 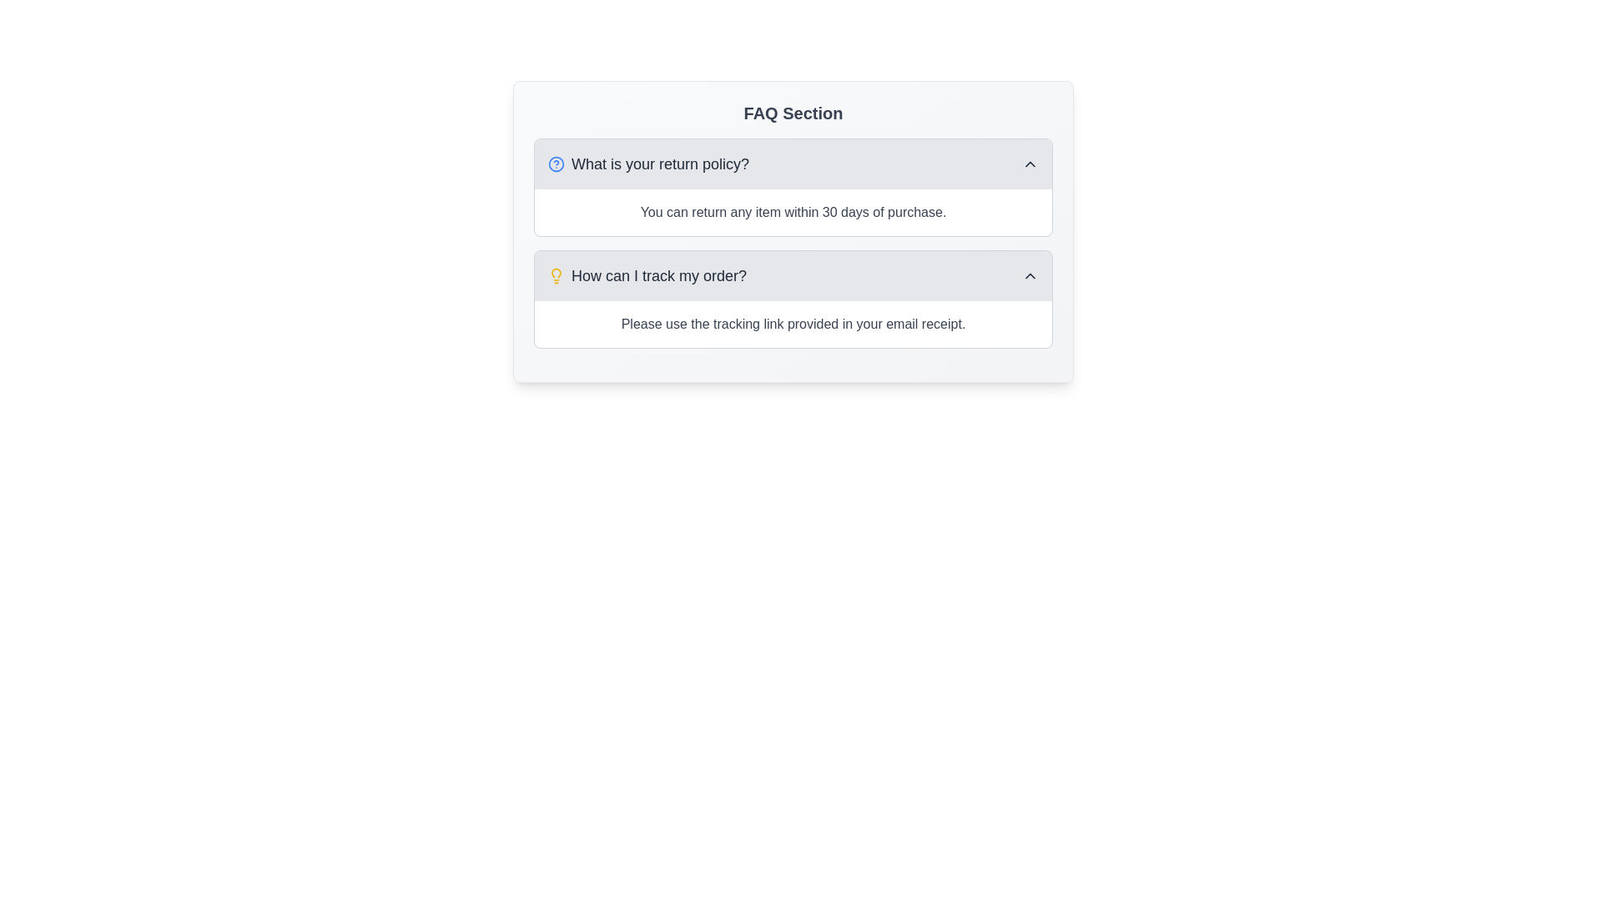 I want to click on the static text content displaying a message in gray text, located beneath the header 'How can I track my order?', so click(x=792, y=325).